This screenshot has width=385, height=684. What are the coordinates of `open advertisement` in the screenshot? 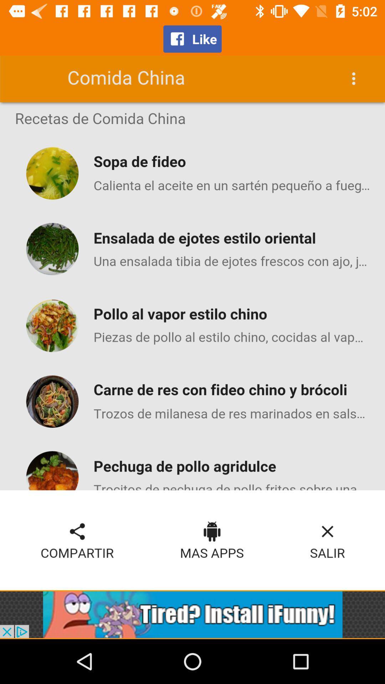 It's located at (192, 614).